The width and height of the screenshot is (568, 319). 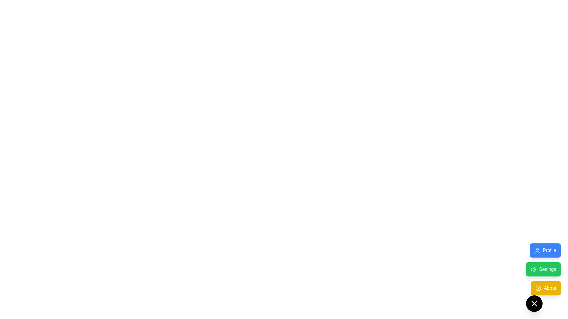 I want to click on the SVG circle element that is part of the 'About' icon, which is located at the bottom-right quadrant of the interface, just above the black 'Close' button, so click(x=538, y=288).